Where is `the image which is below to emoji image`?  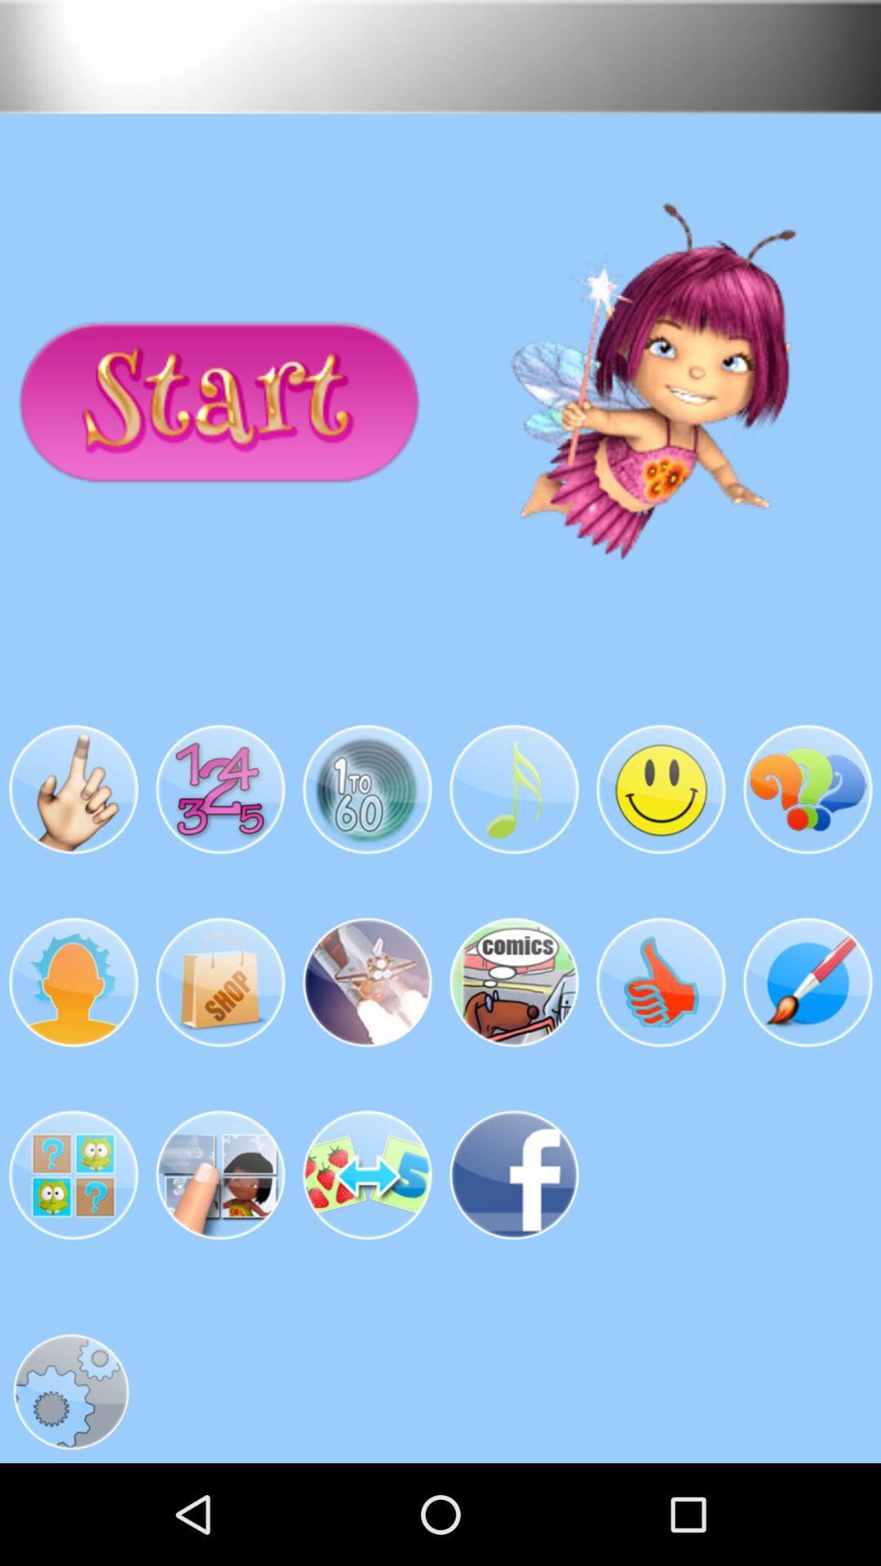 the image which is below to emoji image is located at coordinates (661, 981).